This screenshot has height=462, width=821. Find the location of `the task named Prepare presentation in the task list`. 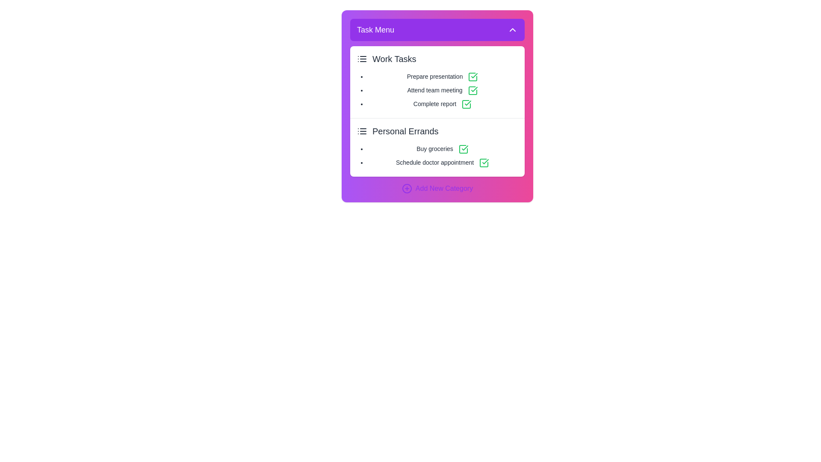

the task named Prepare presentation in the task list is located at coordinates (443, 77).